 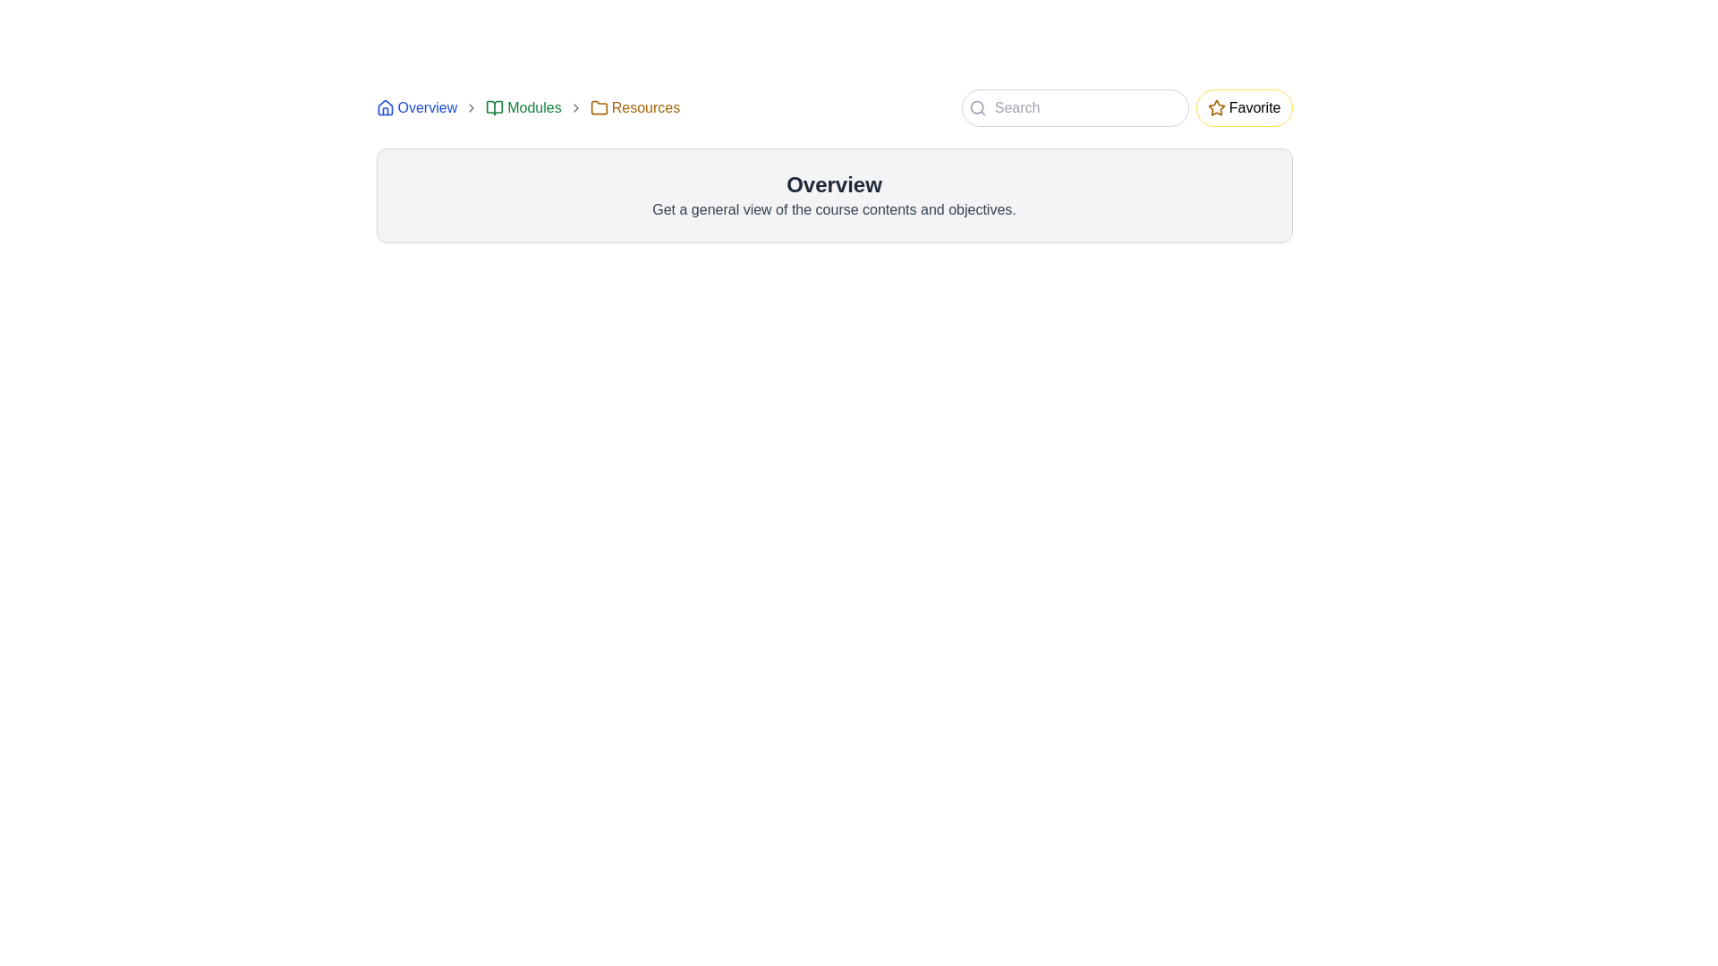 What do you see at coordinates (495, 107) in the screenshot?
I see `the icon located to the immediate left of the word 'Modules' in the navigation breadcrumb, which indicates the content structure or organization` at bounding box center [495, 107].